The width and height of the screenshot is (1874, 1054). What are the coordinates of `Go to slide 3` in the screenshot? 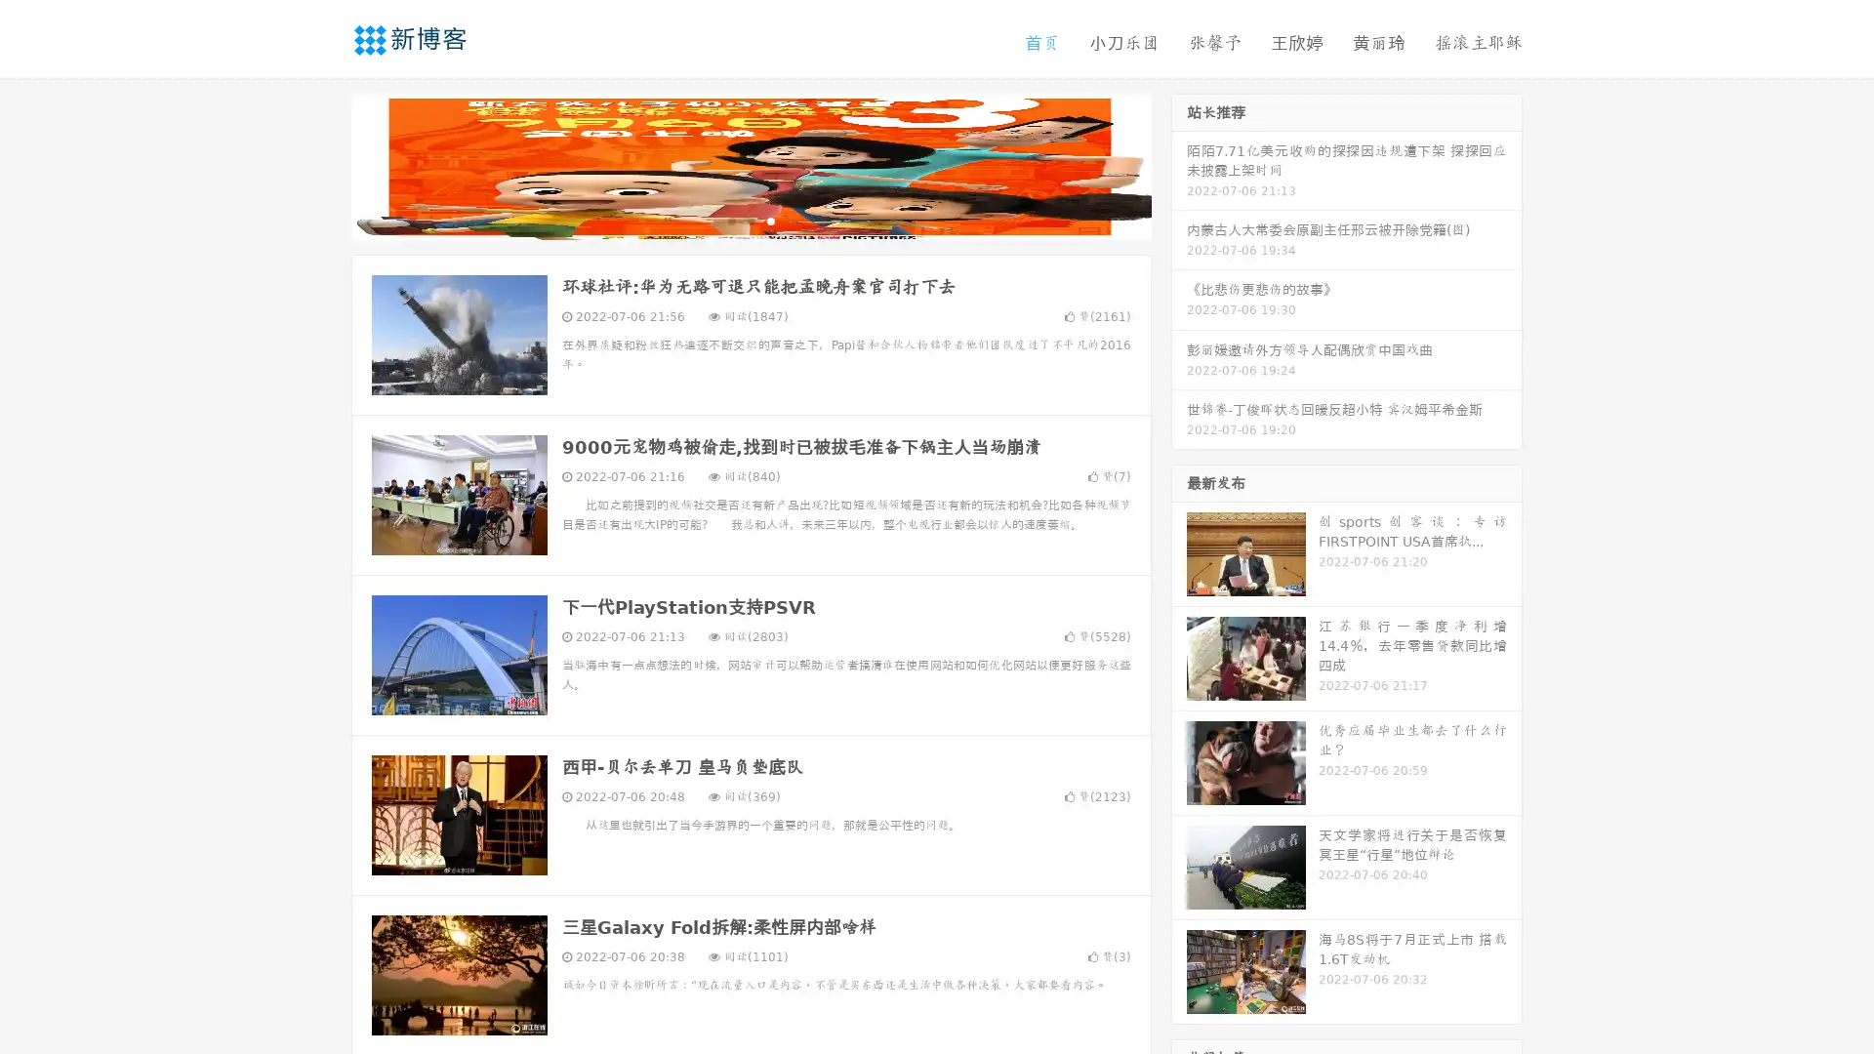 It's located at (770, 220).